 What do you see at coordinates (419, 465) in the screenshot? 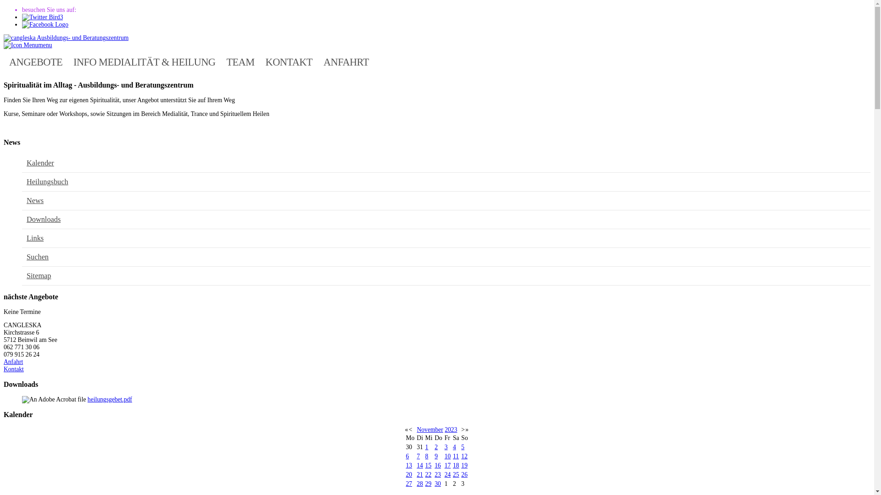
I see `'14'` at bounding box center [419, 465].